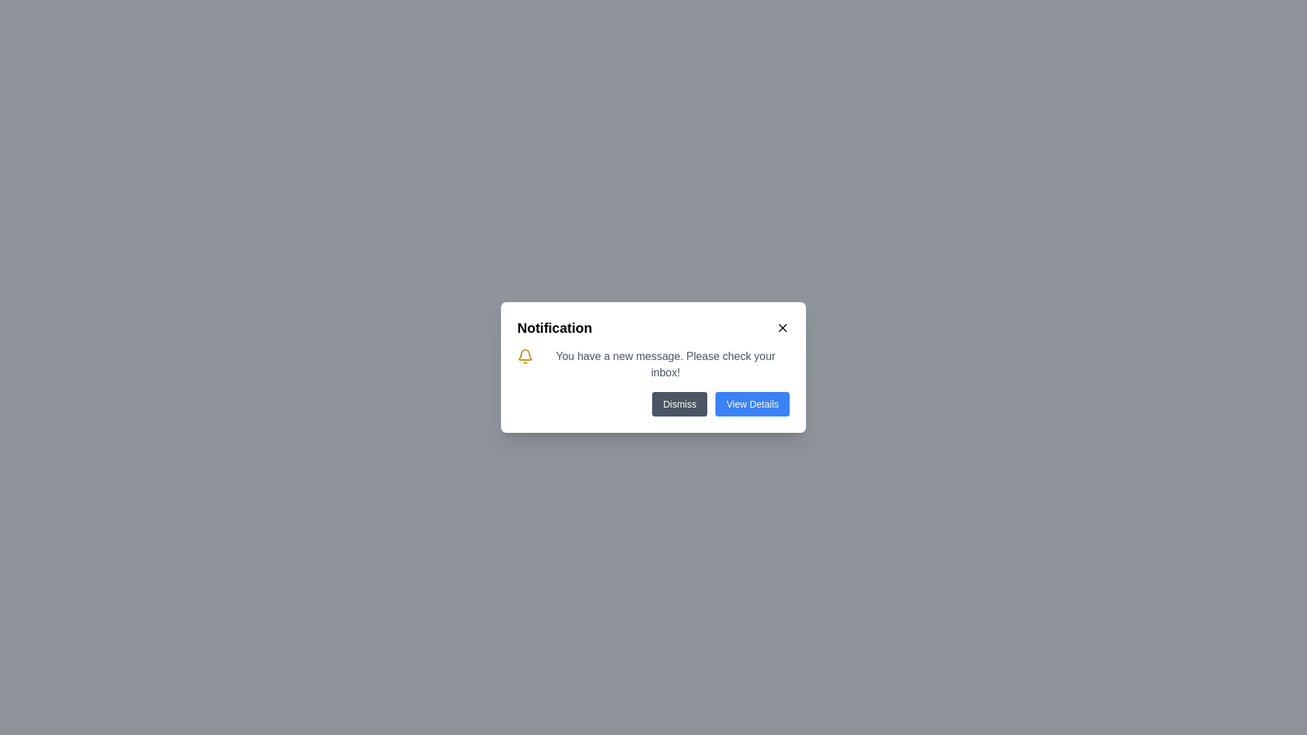 The height and width of the screenshot is (735, 1307). Describe the element at coordinates (665, 364) in the screenshot. I see `the static text message that reads 'You have a new message. Please check your inbox!' displayed in a notification dialog box` at that location.